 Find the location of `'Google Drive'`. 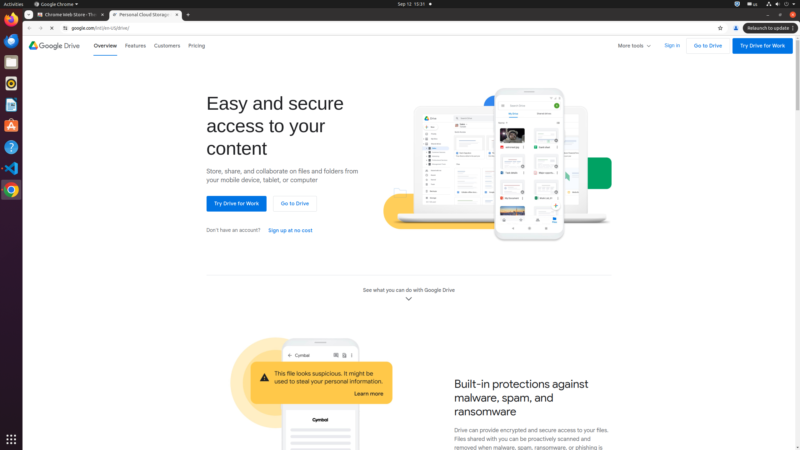

'Google Drive' is located at coordinates (53, 45).